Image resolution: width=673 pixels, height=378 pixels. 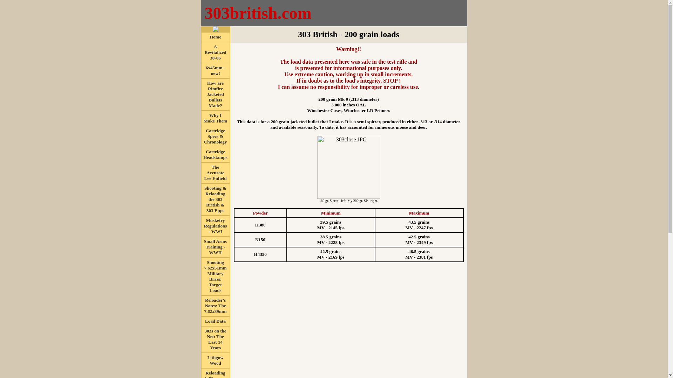 I want to click on '303s on the Net: The Last 14 Years', so click(x=215, y=338).